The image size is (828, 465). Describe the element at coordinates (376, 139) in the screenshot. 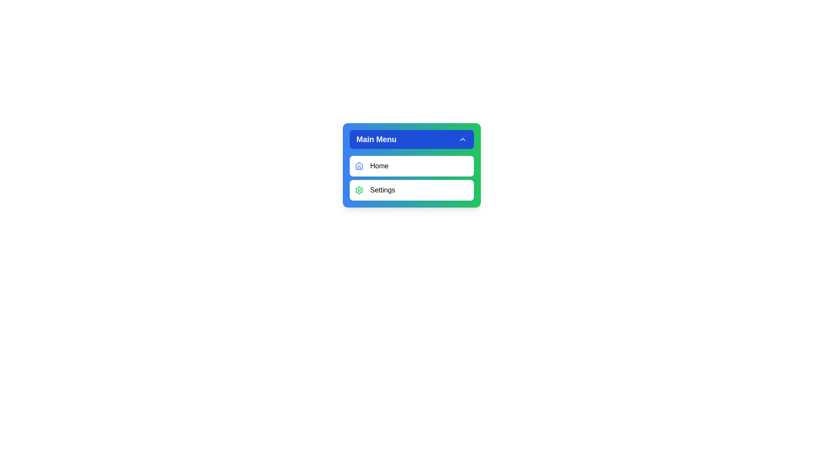

I see `text label located in the top-left of the blue header section of the dropdown menu, which serves as the title indicating the menu's purpose` at that location.